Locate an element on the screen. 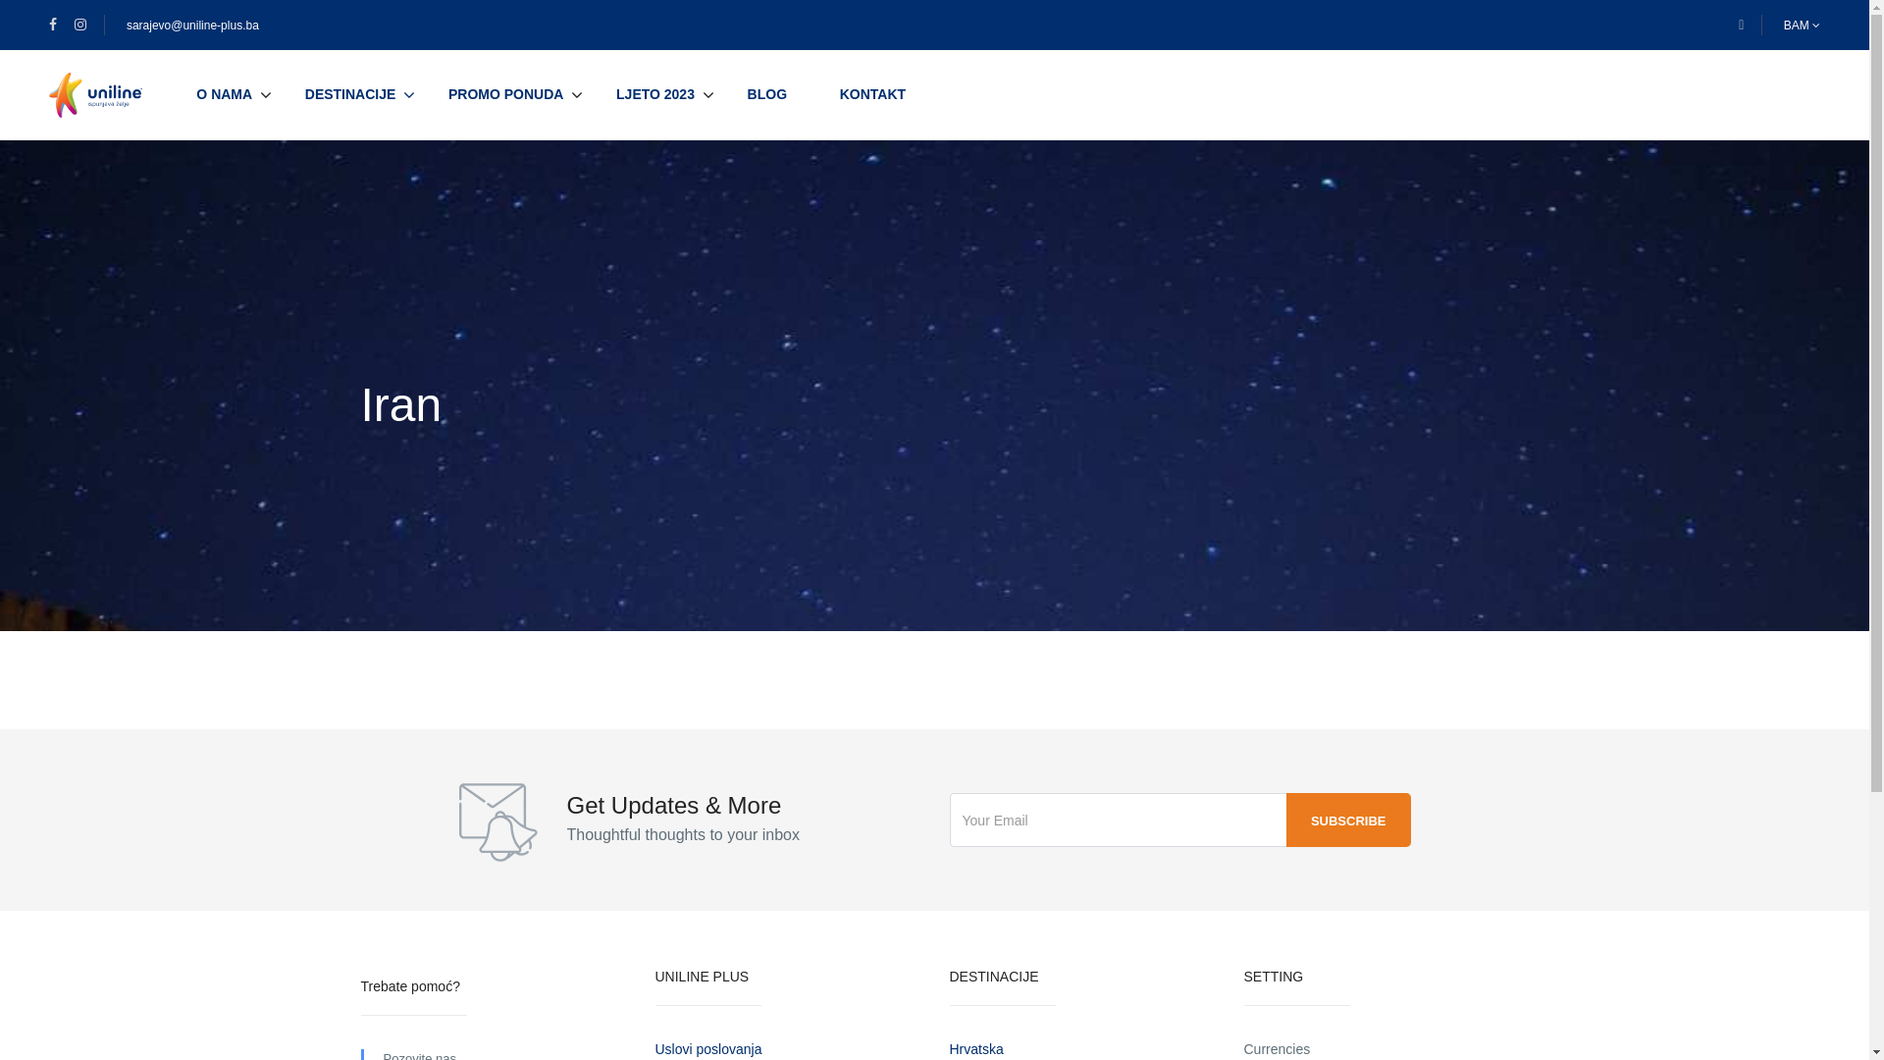  'BLOG' is located at coordinates (766, 94).